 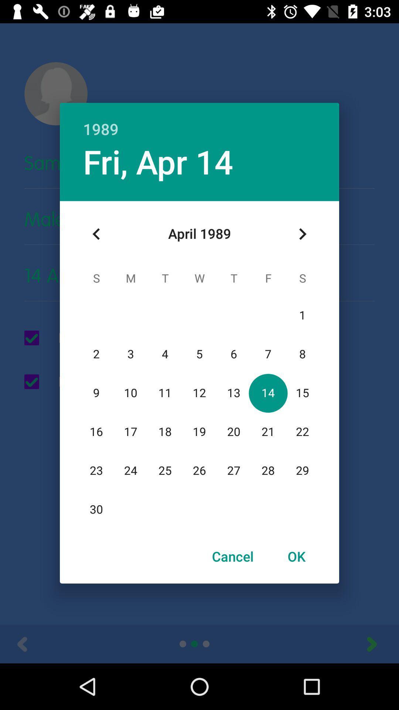 I want to click on the fri, apr 14 icon, so click(x=158, y=161).